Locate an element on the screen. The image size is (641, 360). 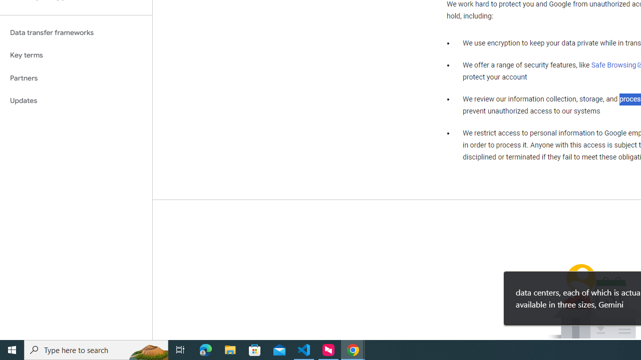
'Key terms' is located at coordinates (76, 55).